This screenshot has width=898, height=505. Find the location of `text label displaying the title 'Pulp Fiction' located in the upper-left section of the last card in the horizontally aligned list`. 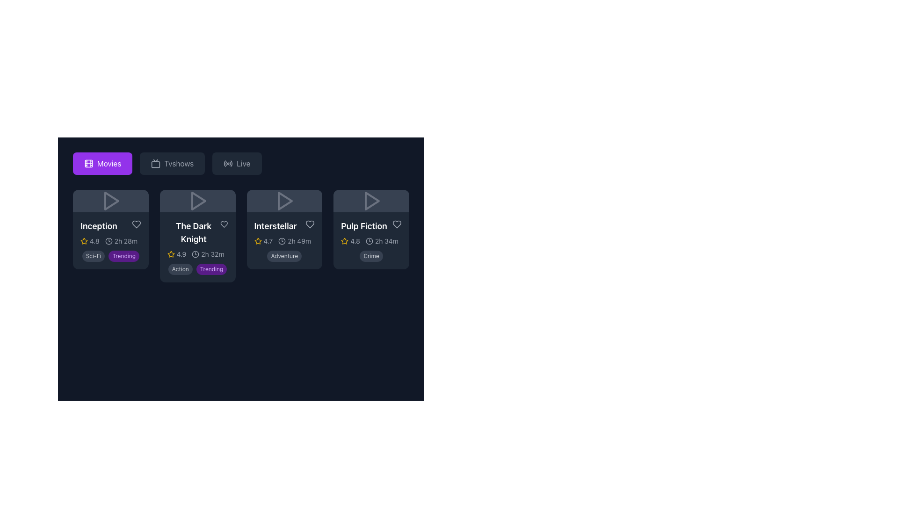

text label displaying the title 'Pulp Fiction' located in the upper-left section of the last card in the horizontally aligned list is located at coordinates (371, 226).